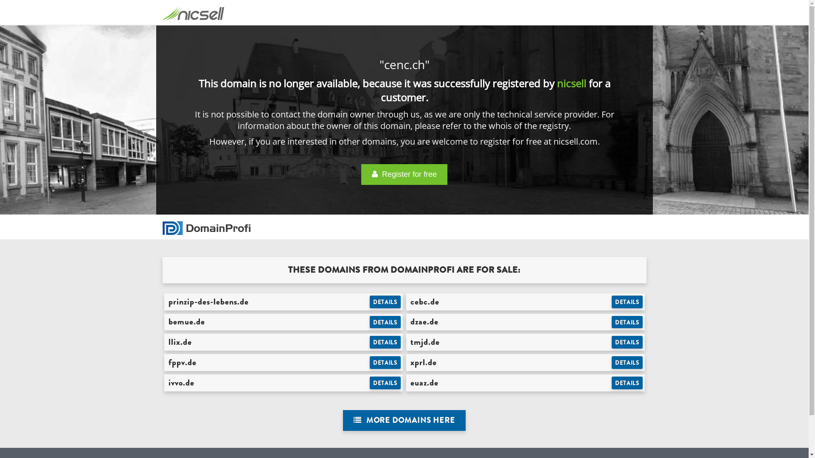 This screenshot has width=815, height=458. What do you see at coordinates (627, 341) in the screenshot?
I see `'DETAILS'` at bounding box center [627, 341].